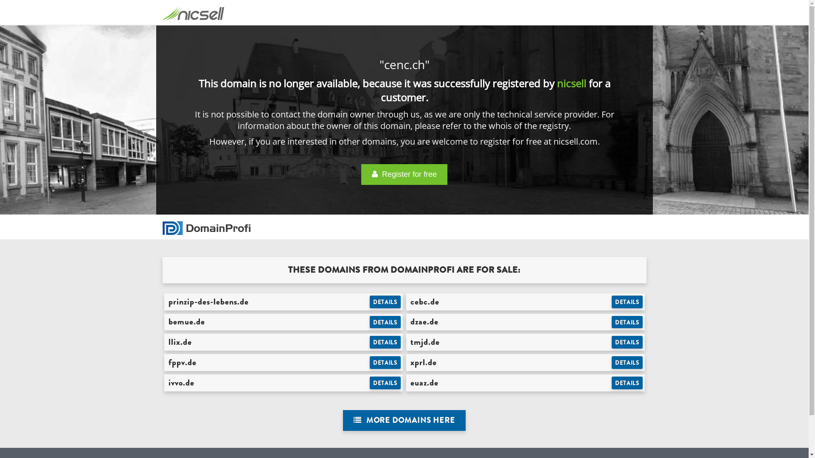 This screenshot has width=815, height=458. What do you see at coordinates (627, 341) in the screenshot?
I see `'DETAILS'` at bounding box center [627, 341].